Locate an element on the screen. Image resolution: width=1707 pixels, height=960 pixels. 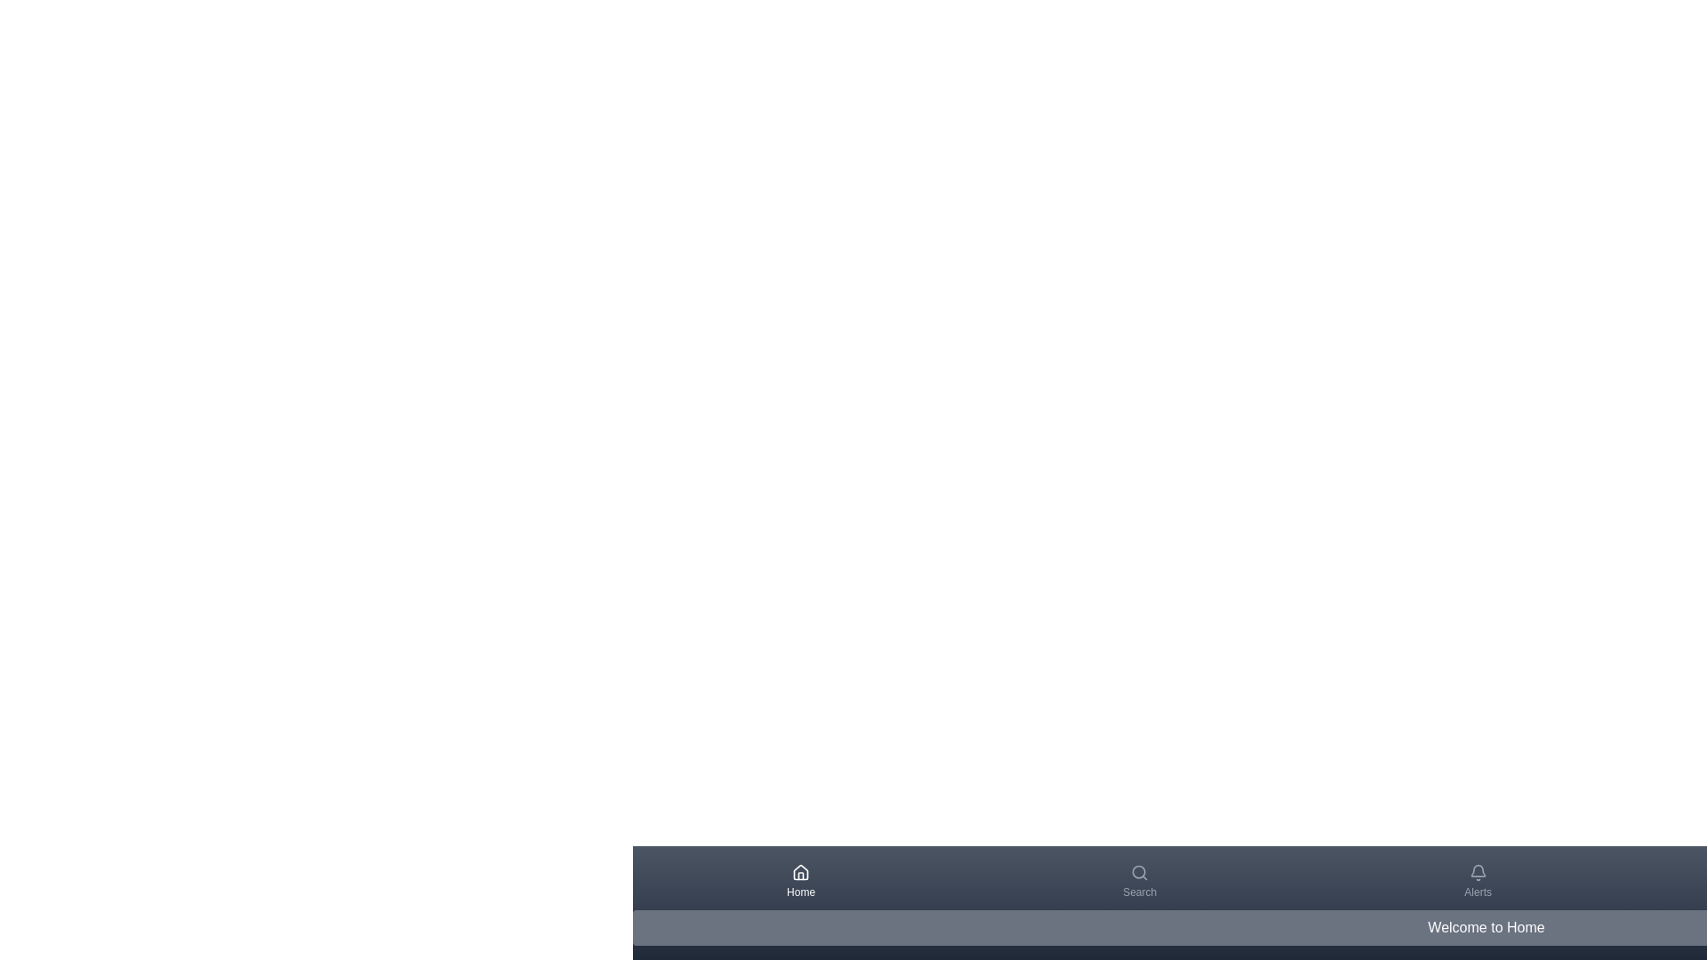
the Search tab to navigate to its section is located at coordinates (1139, 881).